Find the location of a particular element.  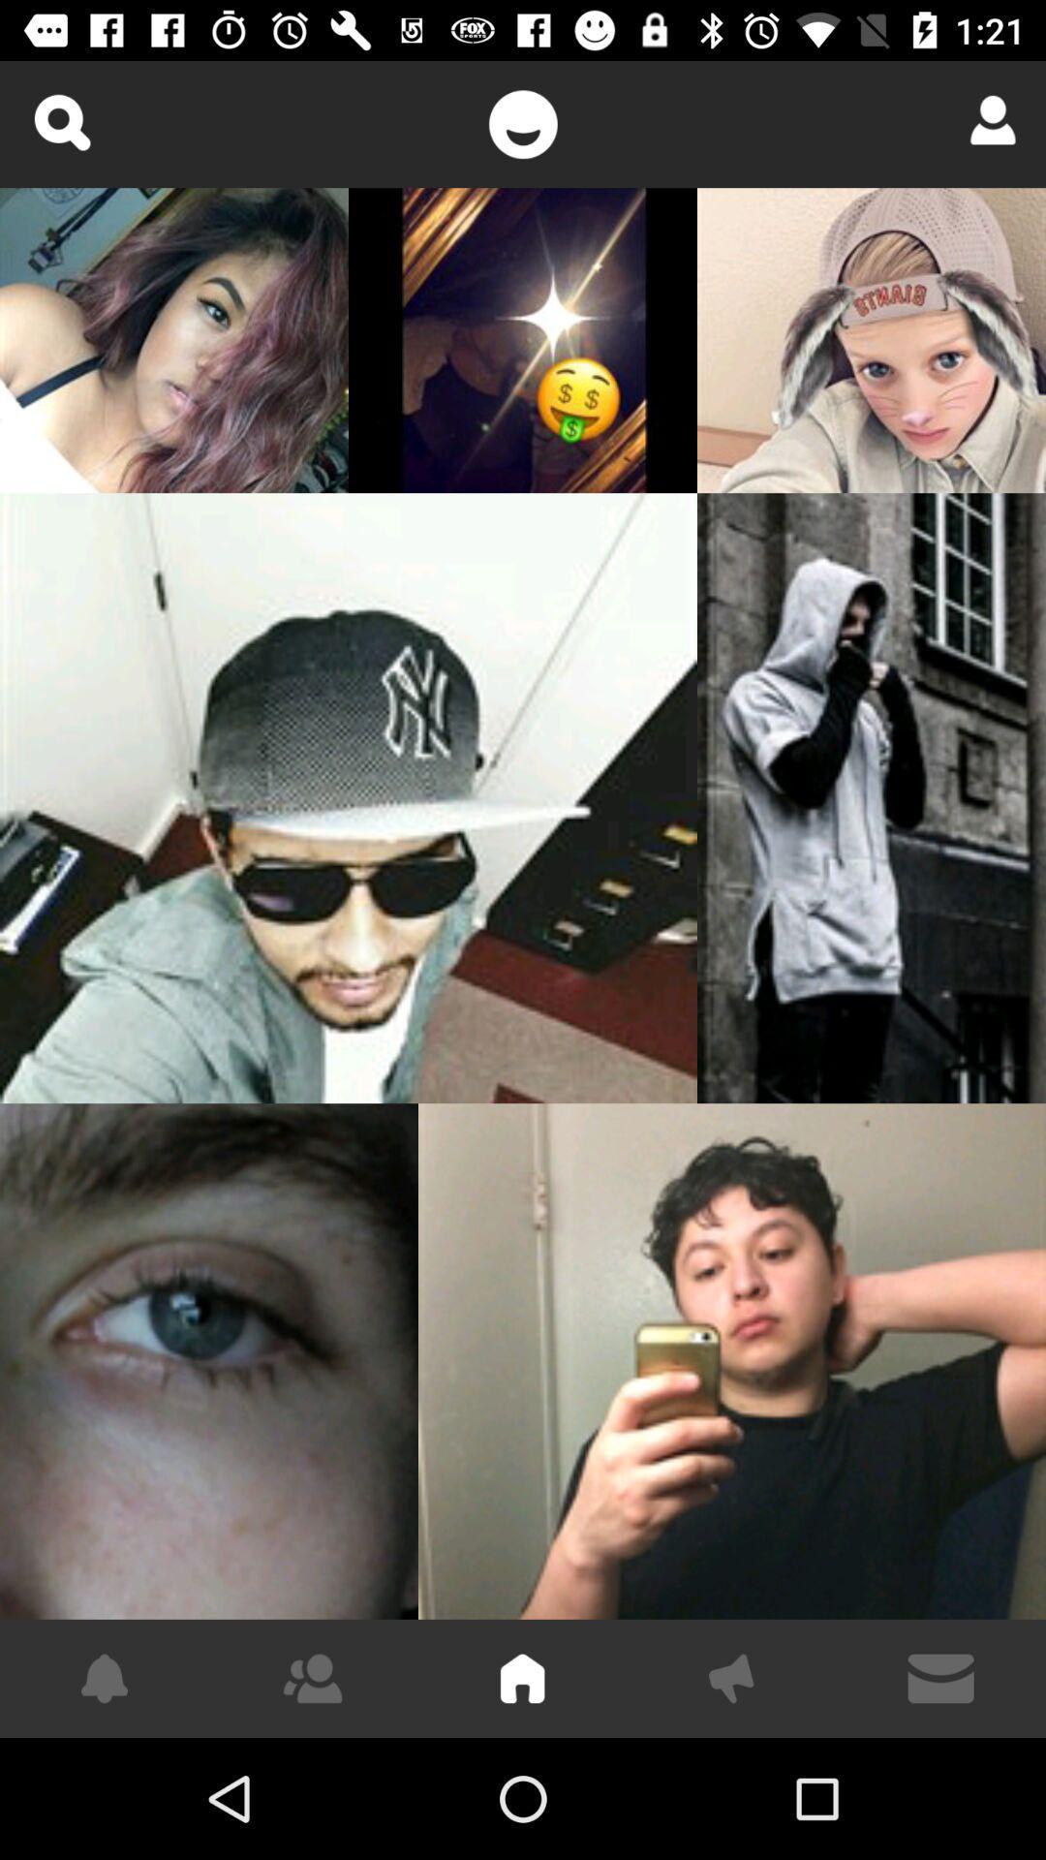

contact is located at coordinates (986, 119).